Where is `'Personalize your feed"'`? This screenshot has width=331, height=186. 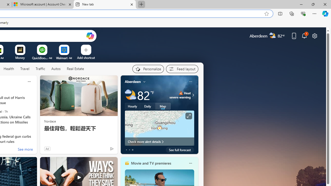 'Personalize your feed"' is located at coordinates (148, 69).